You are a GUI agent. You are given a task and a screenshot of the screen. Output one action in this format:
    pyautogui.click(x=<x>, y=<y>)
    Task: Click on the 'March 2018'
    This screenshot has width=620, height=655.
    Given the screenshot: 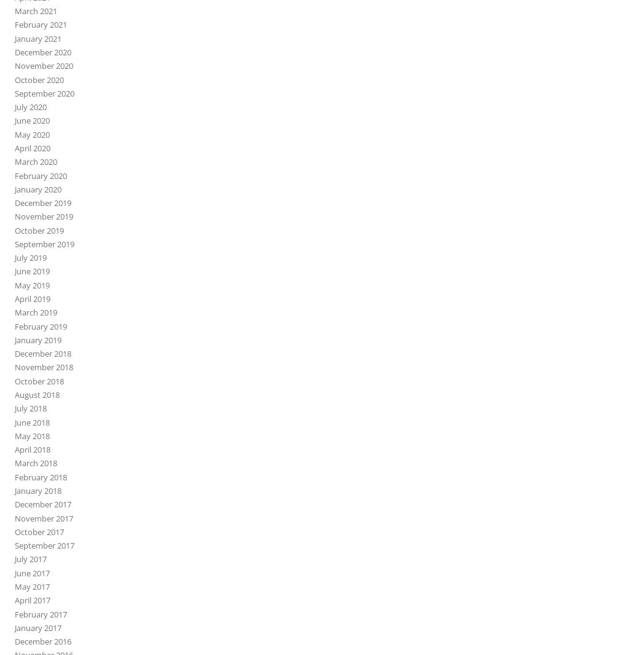 What is the action you would take?
    pyautogui.click(x=36, y=462)
    